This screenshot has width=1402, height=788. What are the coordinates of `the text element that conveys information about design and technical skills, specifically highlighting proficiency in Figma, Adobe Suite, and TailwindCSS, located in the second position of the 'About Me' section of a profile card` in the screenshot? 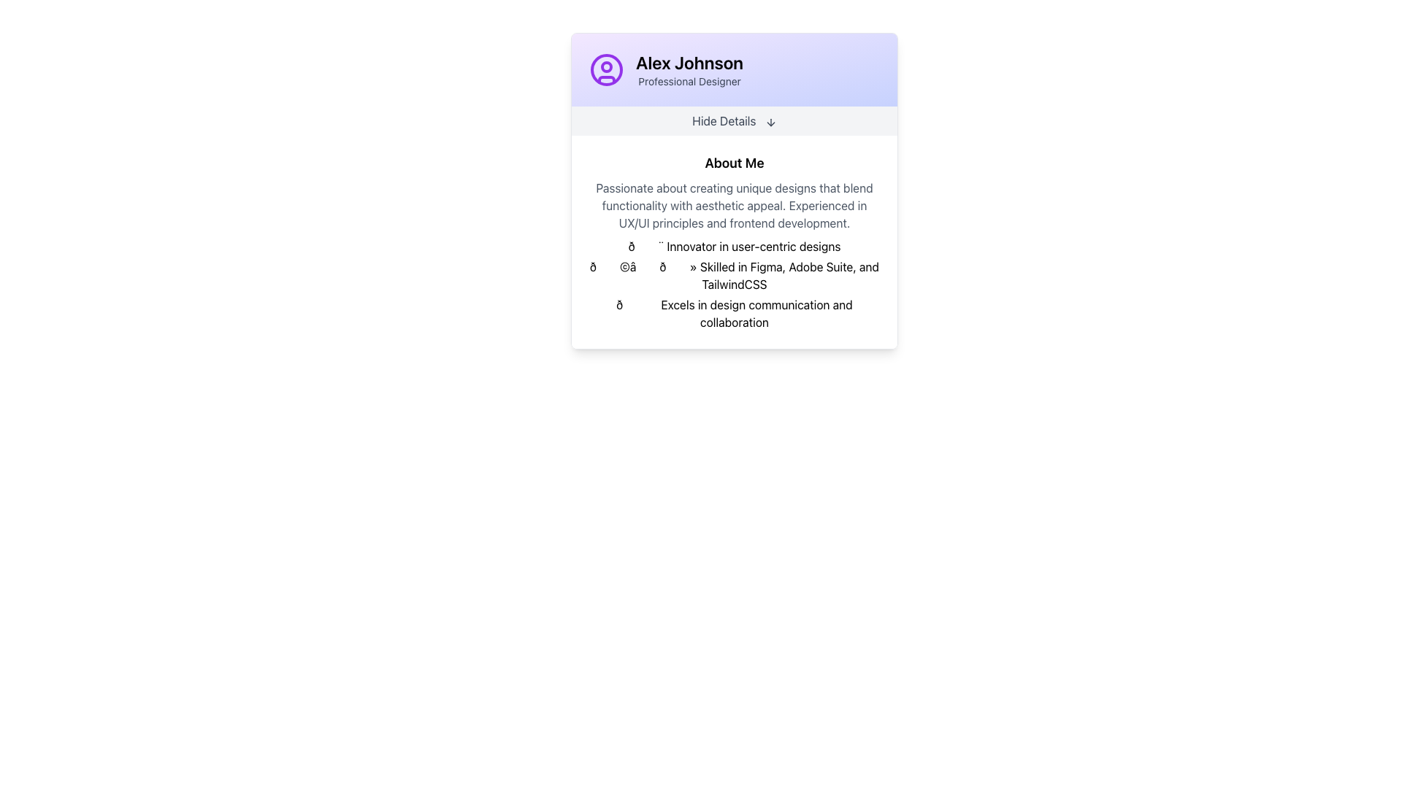 It's located at (735, 276).